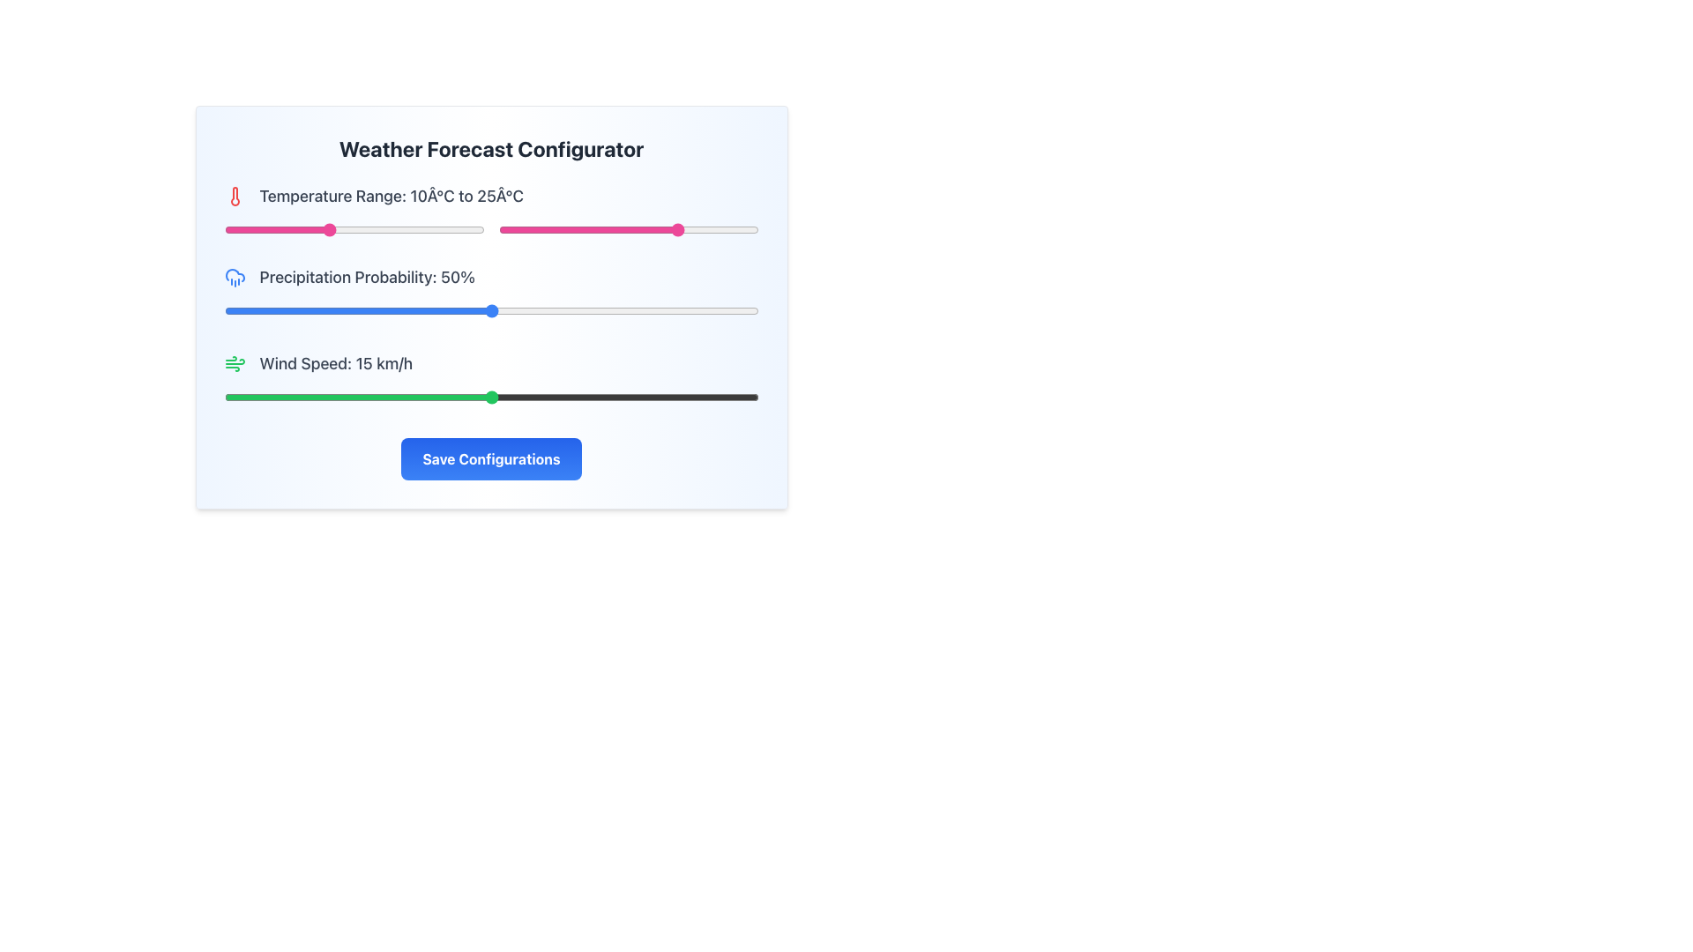 This screenshot has width=1693, height=952. What do you see at coordinates (234, 275) in the screenshot?
I see `the main cloud shape component of the cloud and rain icon, which visually represents weather-related information` at bounding box center [234, 275].